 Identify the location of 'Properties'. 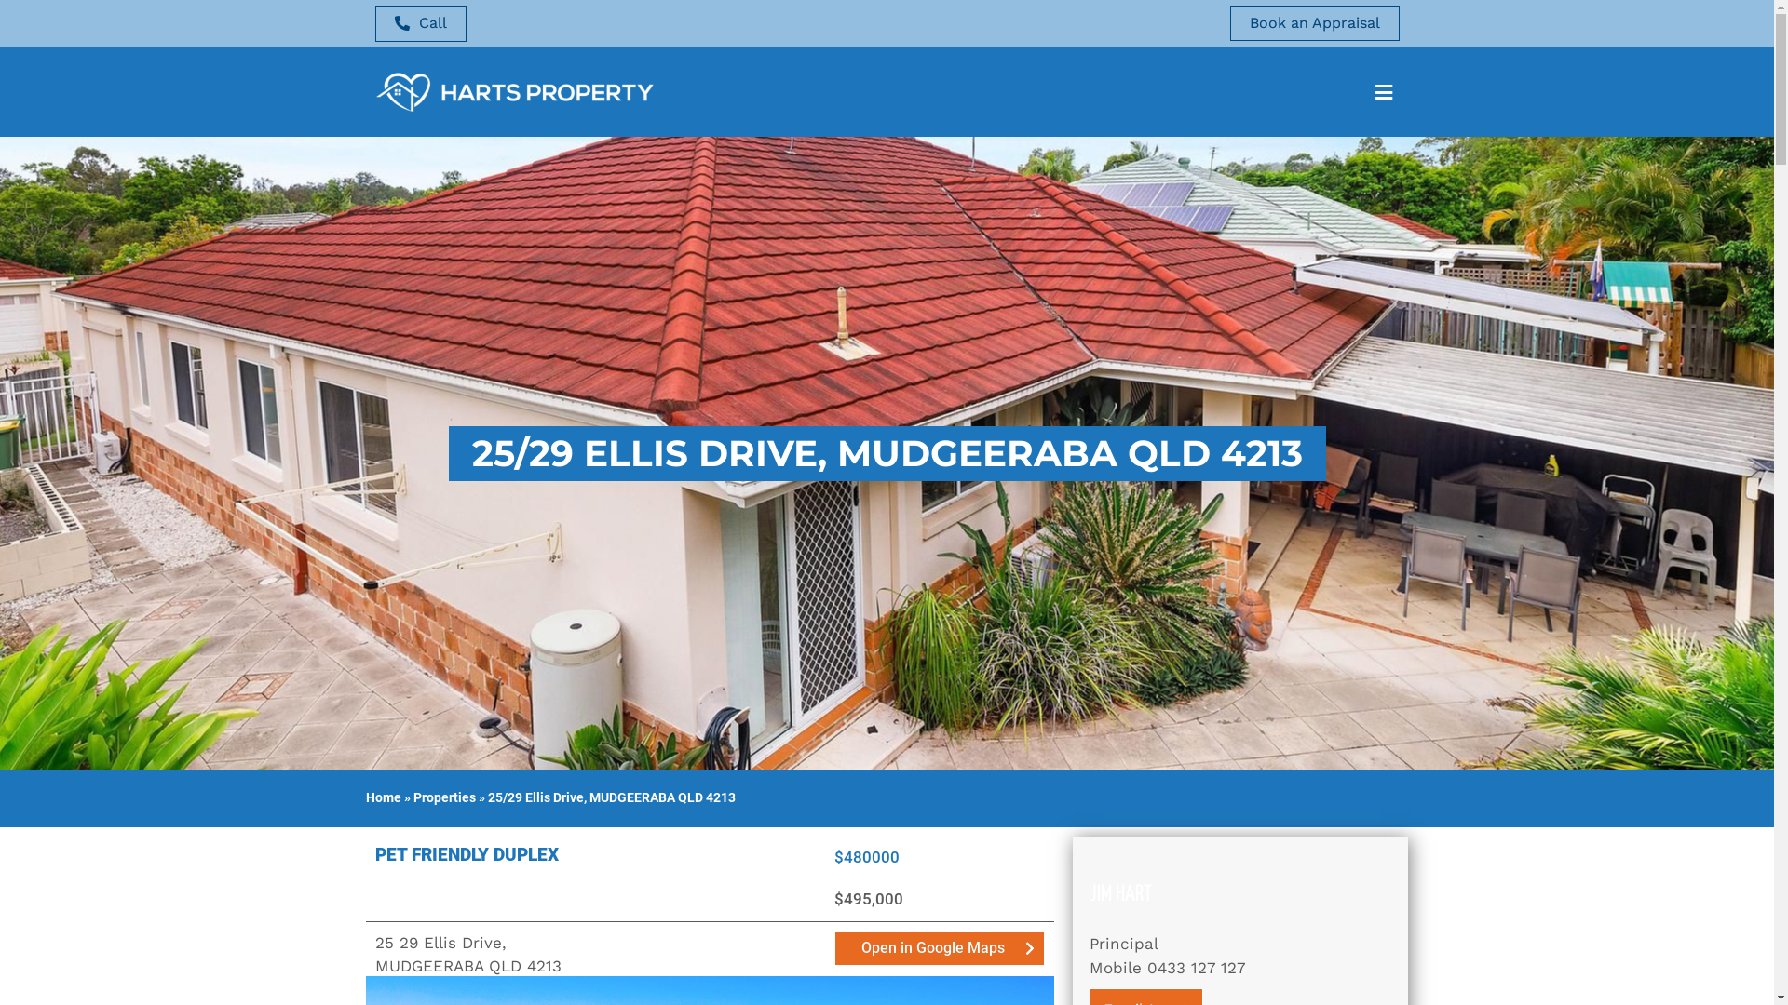
(443, 797).